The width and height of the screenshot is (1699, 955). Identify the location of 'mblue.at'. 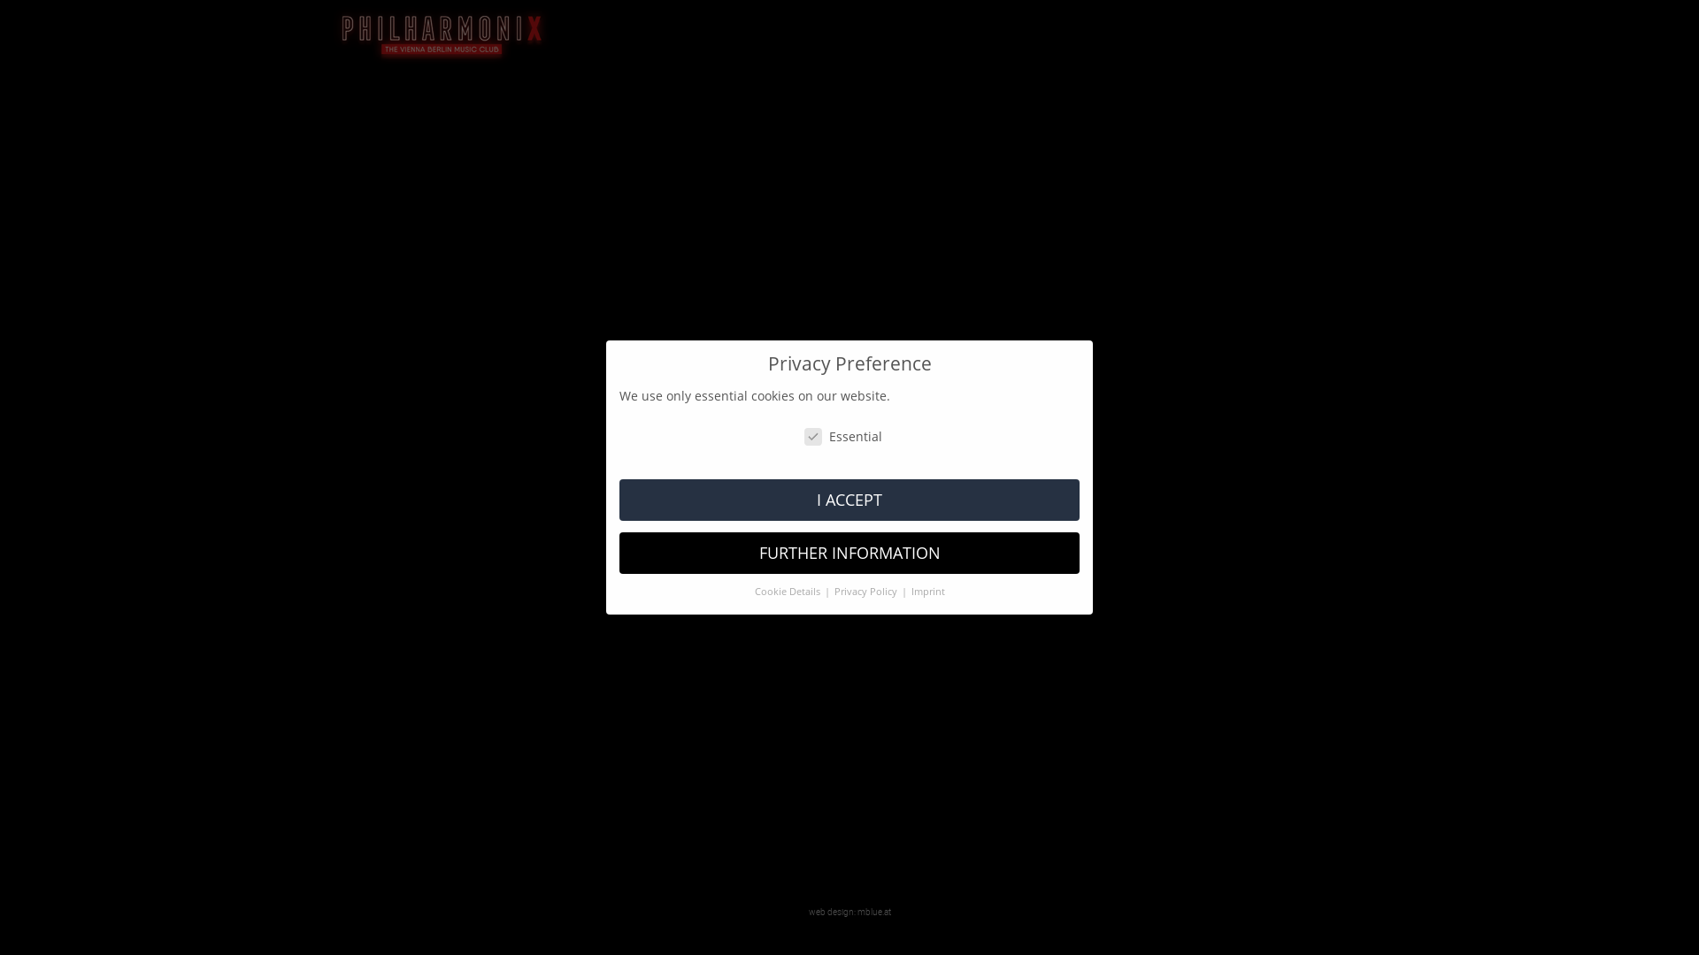
(873, 911).